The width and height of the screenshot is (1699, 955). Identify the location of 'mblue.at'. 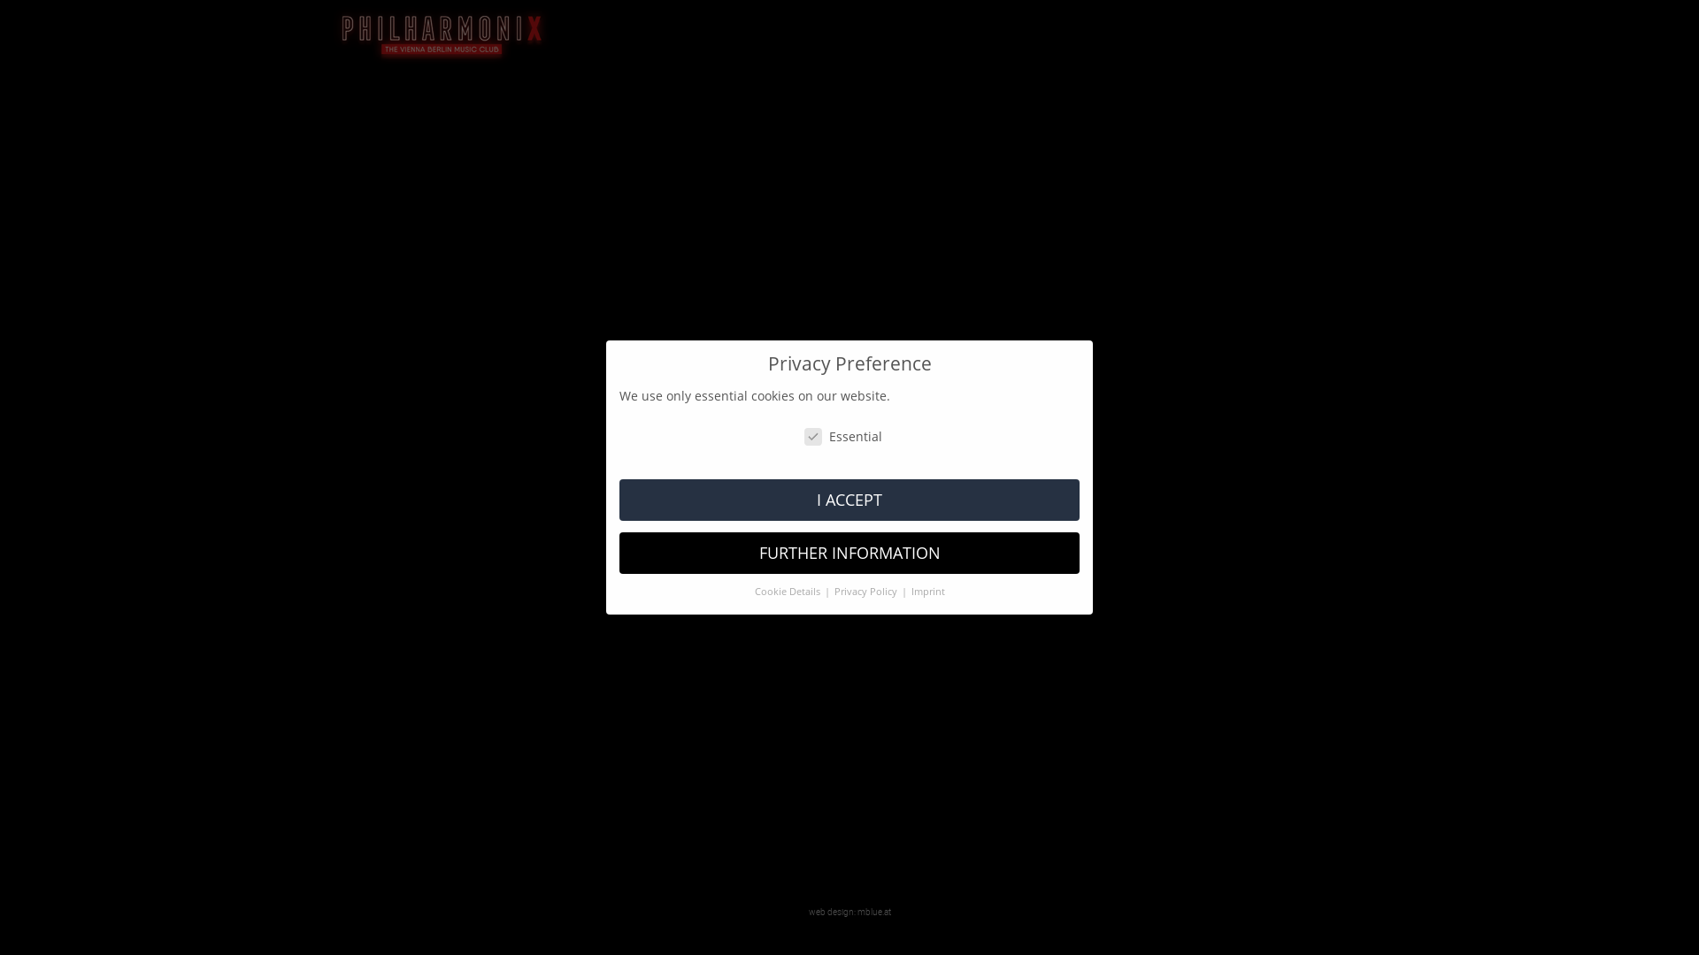
(873, 911).